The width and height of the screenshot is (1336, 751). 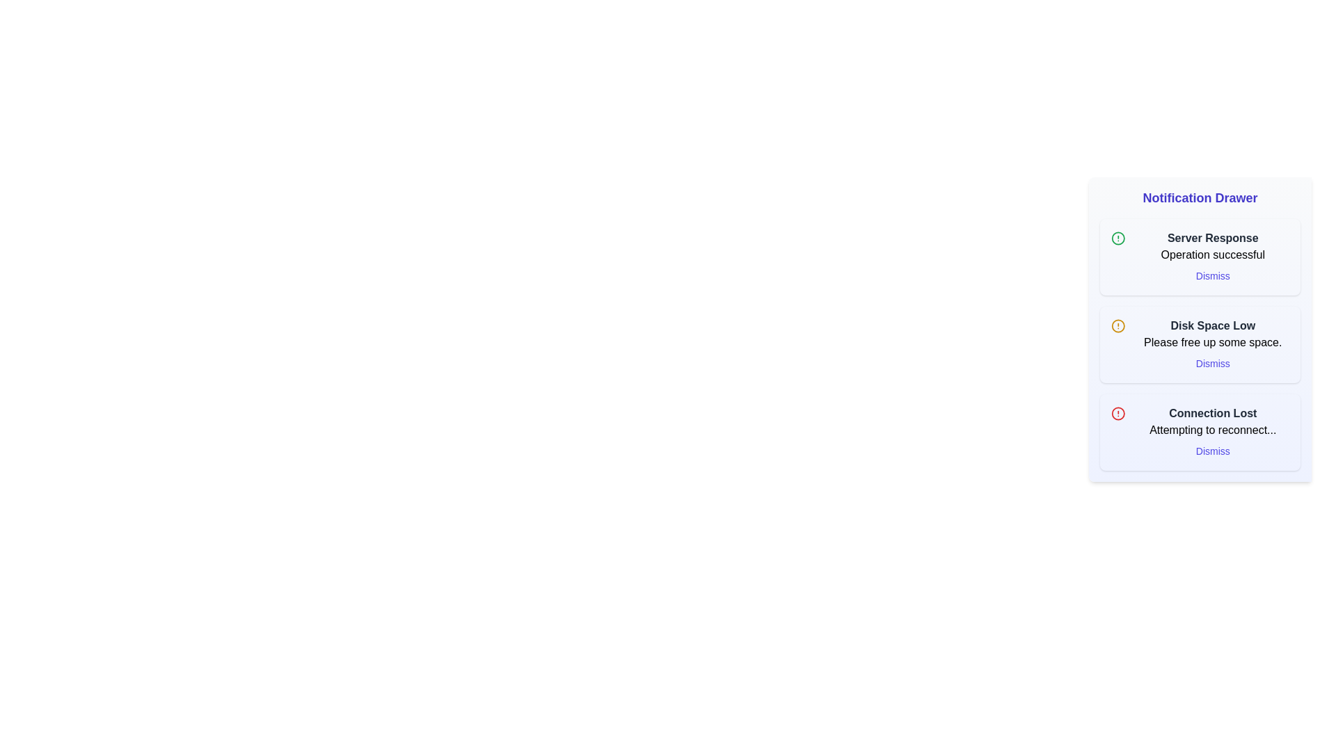 I want to click on the notification drawer header to expand the view and see the notification icons, so click(x=1199, y=198).